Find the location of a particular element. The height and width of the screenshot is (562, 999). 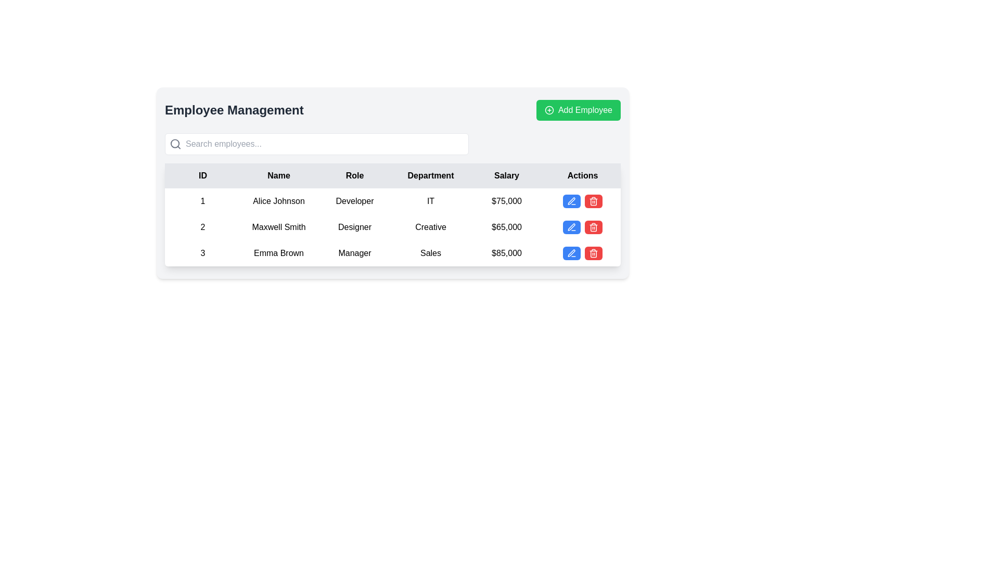

the editing SVG icon located in the 'Actions' column of the third row of the table is located at coordinates (571, 201).